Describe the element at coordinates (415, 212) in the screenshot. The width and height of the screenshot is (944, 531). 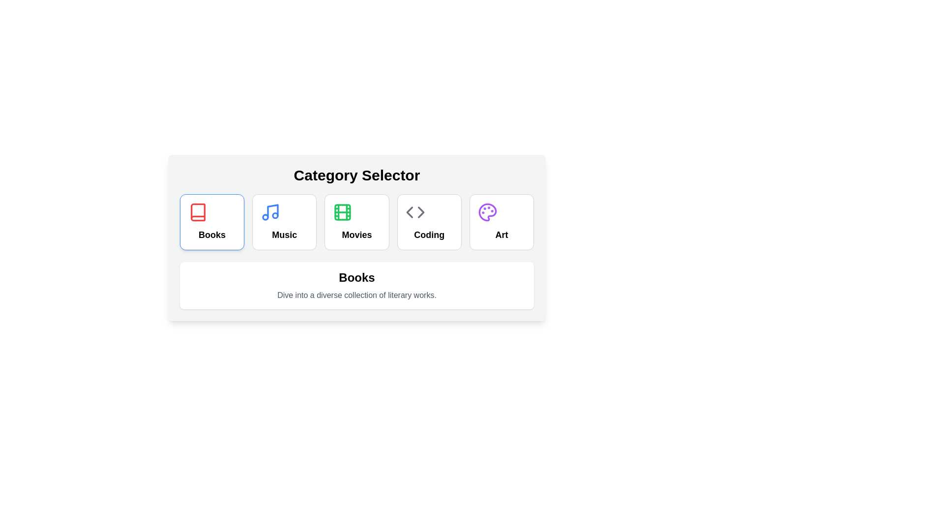
I see `the 'Coding' category icon, which is the fourth card in the top row of the category selector interface, positioned above the text 'Coding'` at that location.